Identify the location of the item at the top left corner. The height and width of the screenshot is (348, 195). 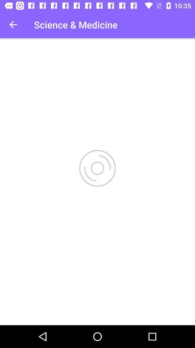
(13, 25).